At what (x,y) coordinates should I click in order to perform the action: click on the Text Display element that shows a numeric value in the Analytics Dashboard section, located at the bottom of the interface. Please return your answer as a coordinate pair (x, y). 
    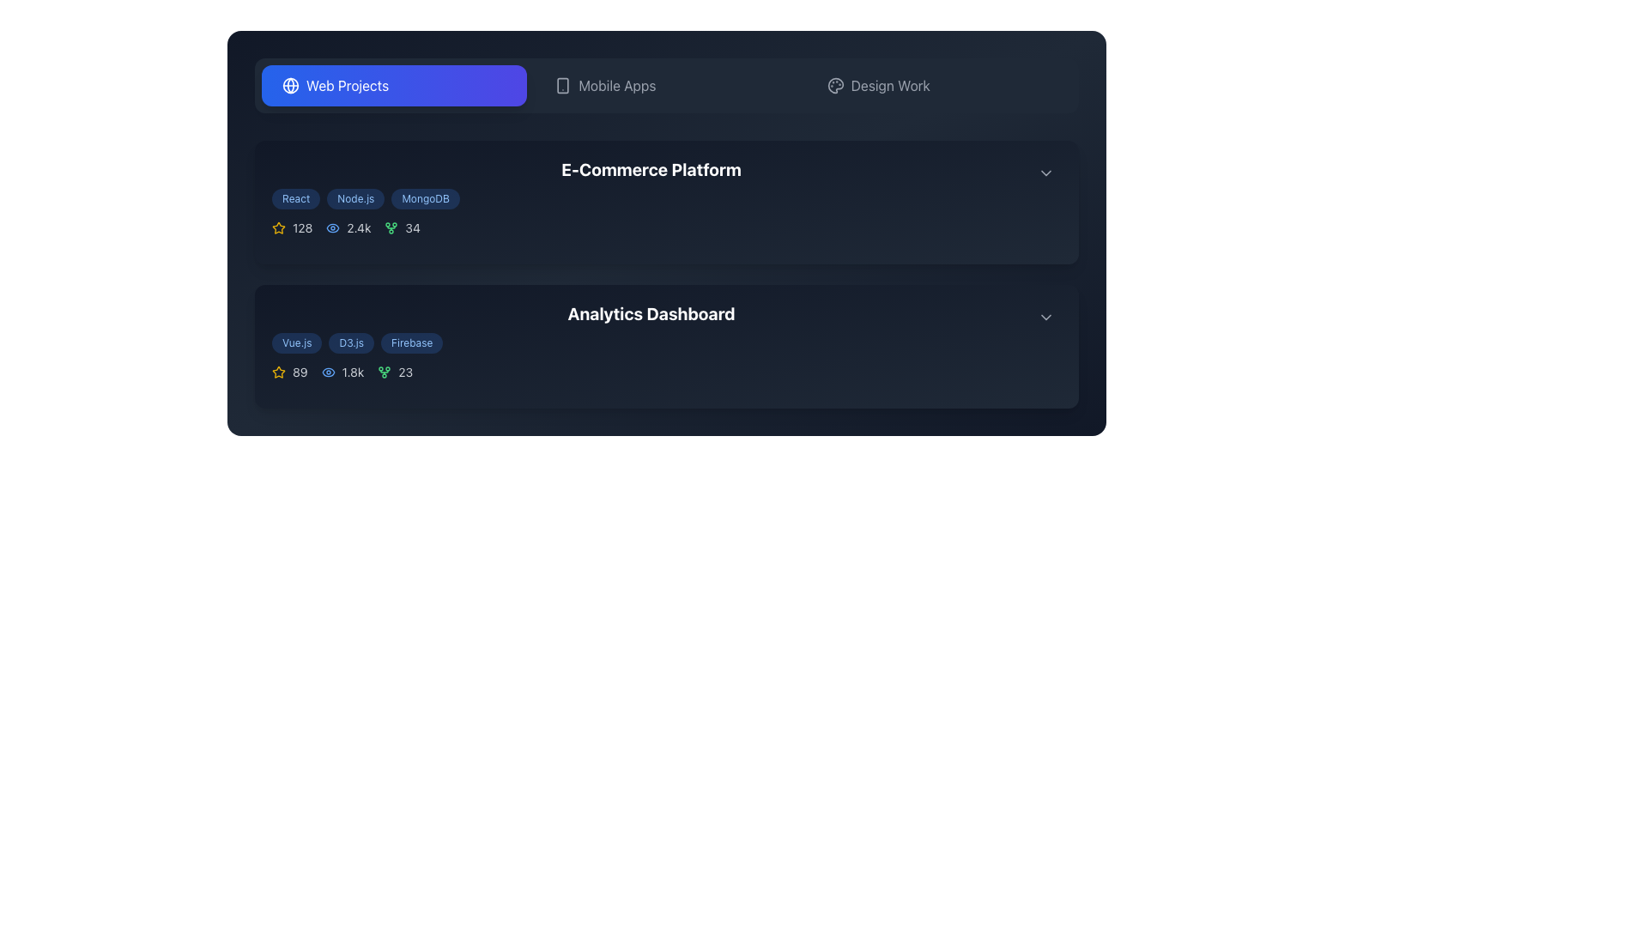
    Looking at the image, I should click on (404, 372).